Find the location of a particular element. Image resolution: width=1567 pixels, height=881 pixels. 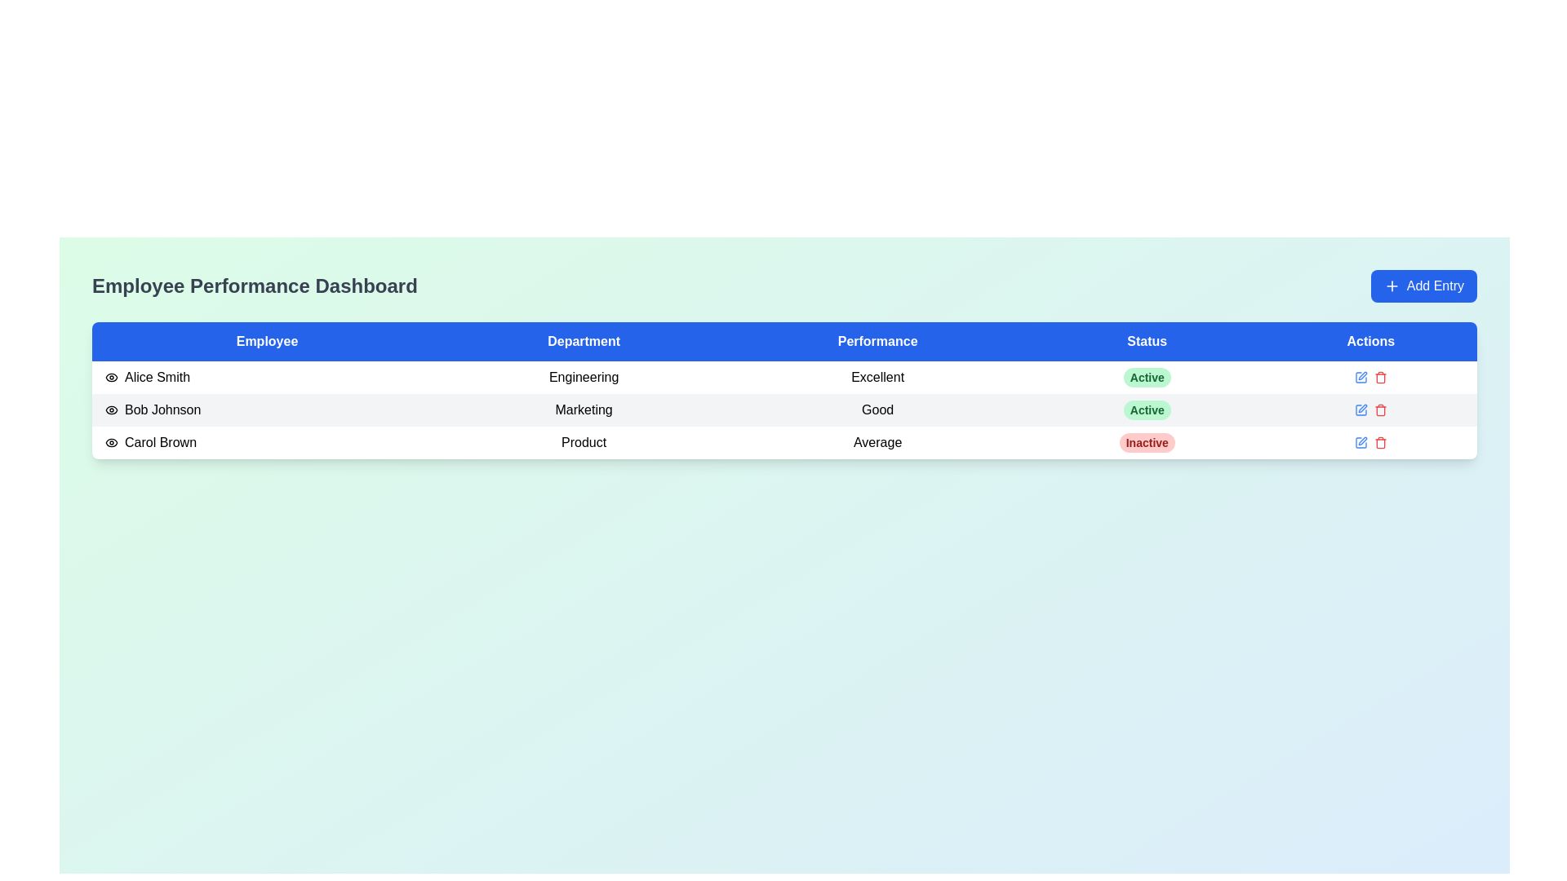

the edit icon button located in the 'Actions' column of the table row for user 'Carol Brown' to initiate the edit action is located at coordinates (1362, 376).